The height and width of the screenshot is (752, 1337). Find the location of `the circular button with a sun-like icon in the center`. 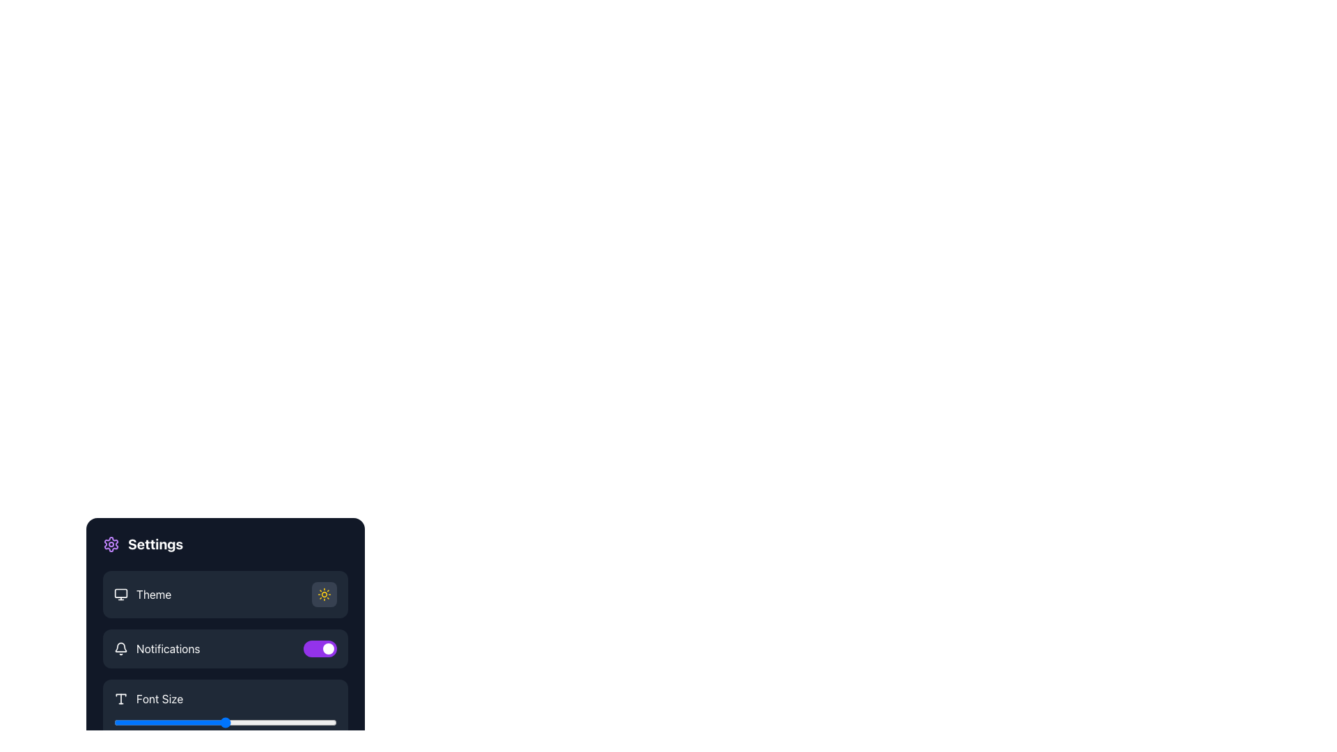

the circular button with a sun-like icon in the center is located at coordinates (323, 594).